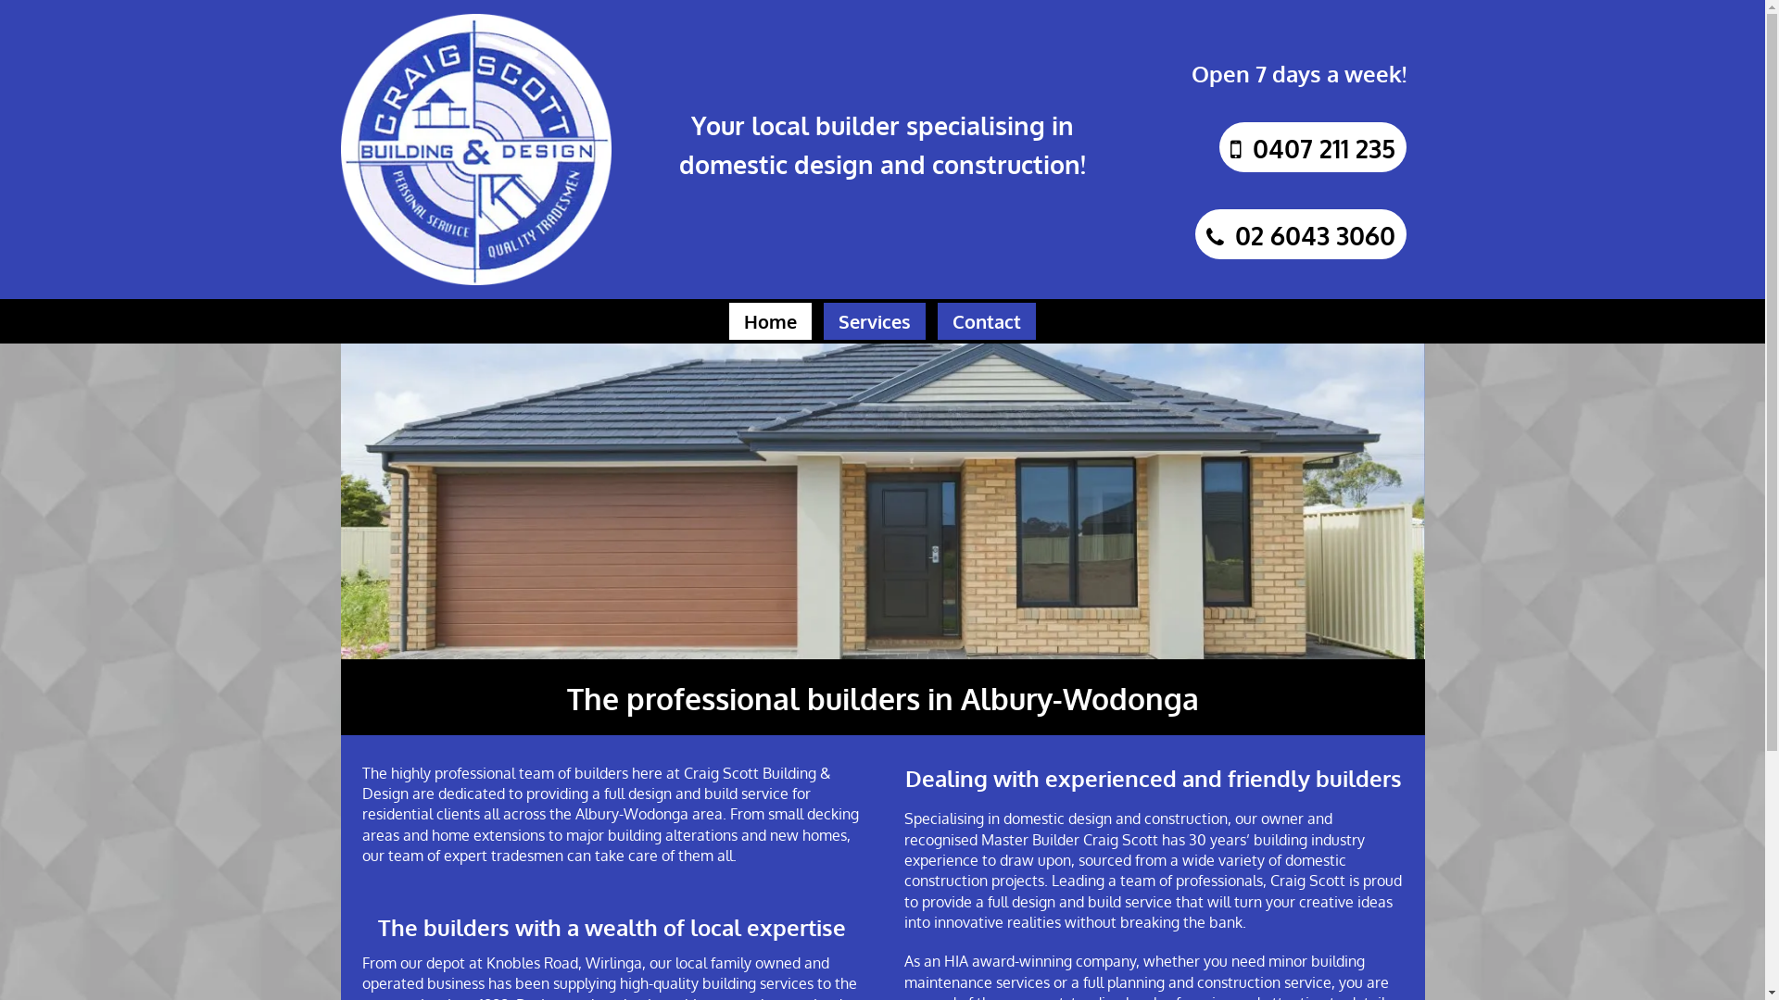 The height and width of the screenshot is (1000, 1779). Describe the element at coordinates (341, 500) in the screenshot. I see `'craig scott building home renovations'` at that location.